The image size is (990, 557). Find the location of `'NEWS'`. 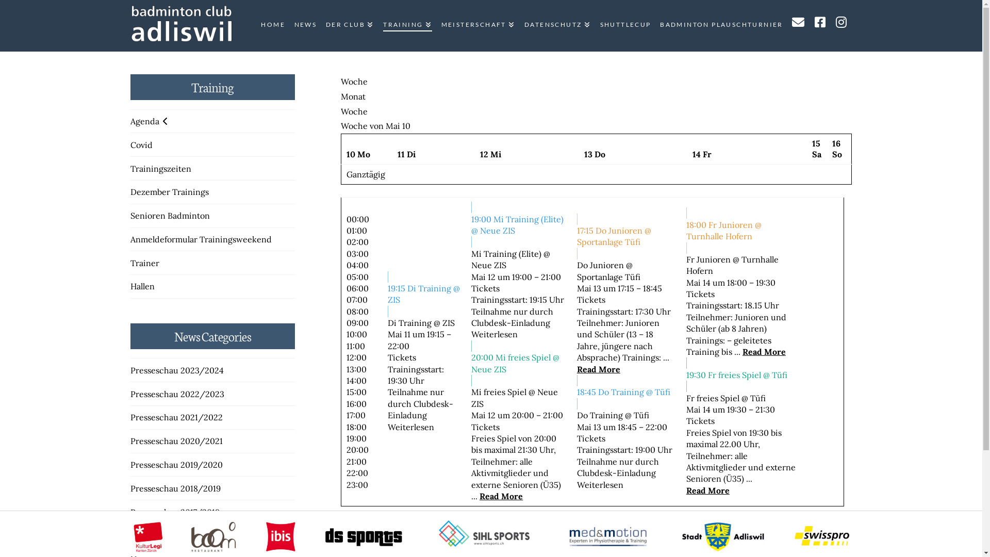

'NEWS' is located at coordinates (304, 25).